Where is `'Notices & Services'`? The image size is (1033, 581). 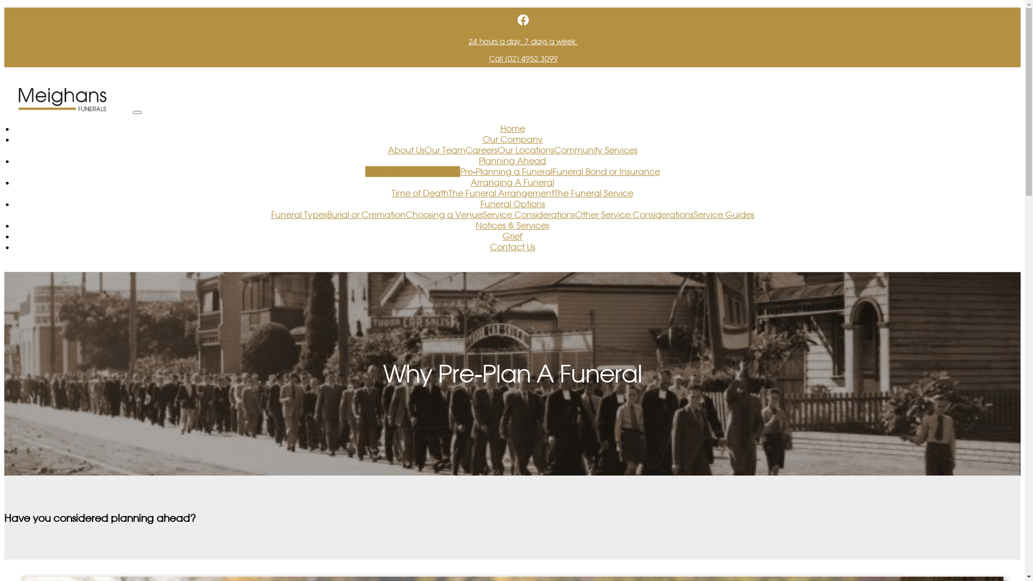
'Notices & Services' is located at coordinates (512, 225).